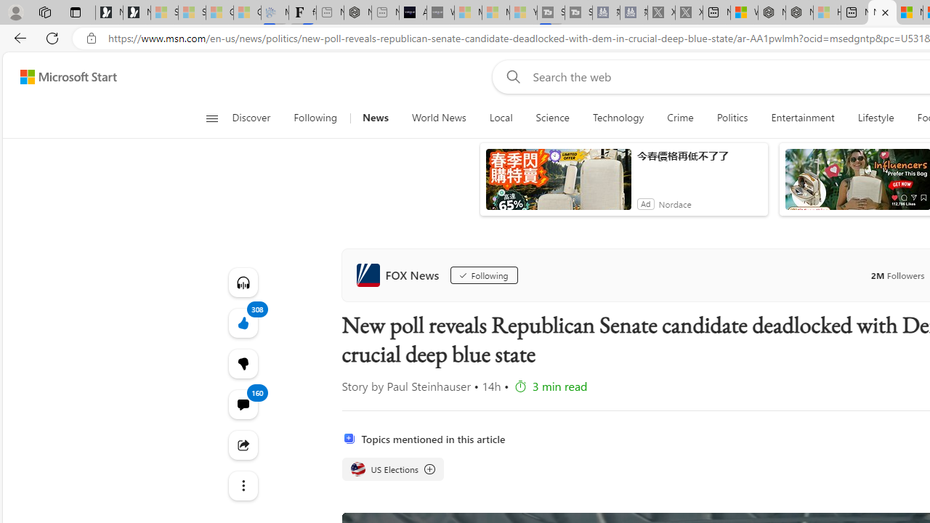  I want to click on 'More like this308Fewer like thisView comments', so click(243, 362).